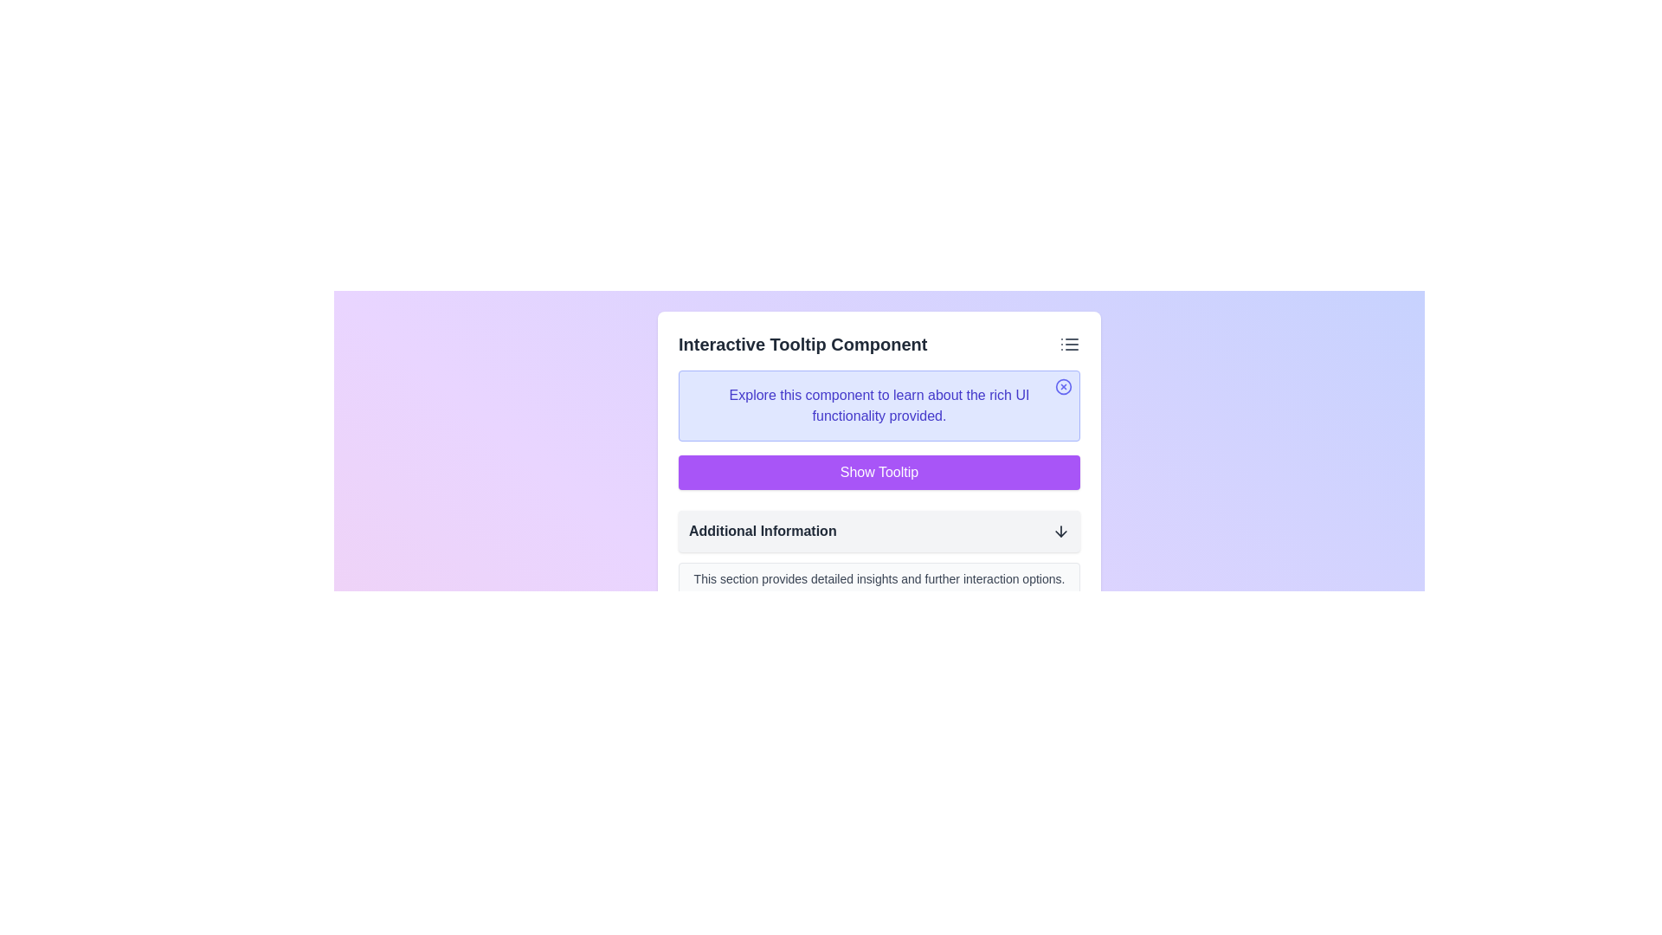 This screenshot has height=935, width=1662. I want to click on the text label with indigo text color that reads 'Explore this component to learn about the rich UI functionality provided.', so click(879, 406).